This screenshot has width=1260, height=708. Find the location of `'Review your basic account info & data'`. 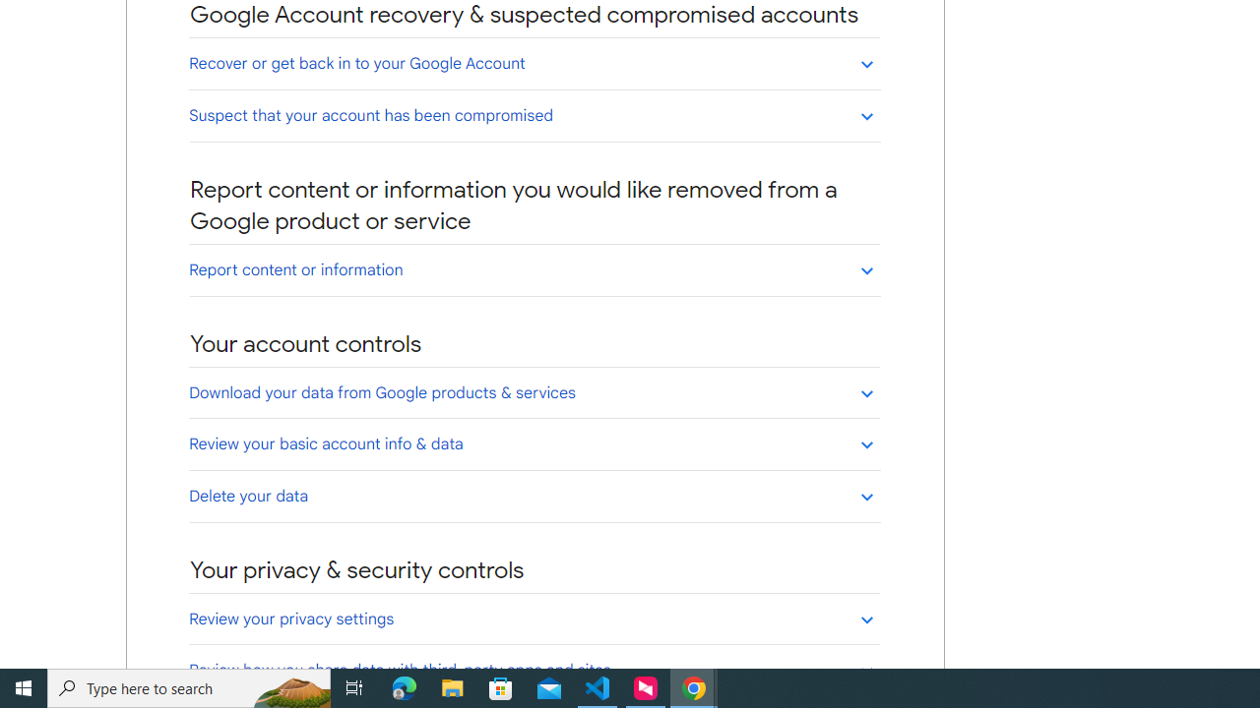

'Review your basic account info & data' is located at coordinates (534, 443).